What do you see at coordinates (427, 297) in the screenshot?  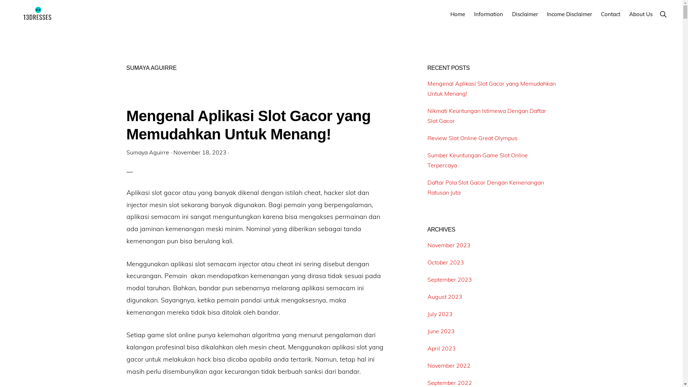 I see `'August 2023'` at bounding box center [427, 297].